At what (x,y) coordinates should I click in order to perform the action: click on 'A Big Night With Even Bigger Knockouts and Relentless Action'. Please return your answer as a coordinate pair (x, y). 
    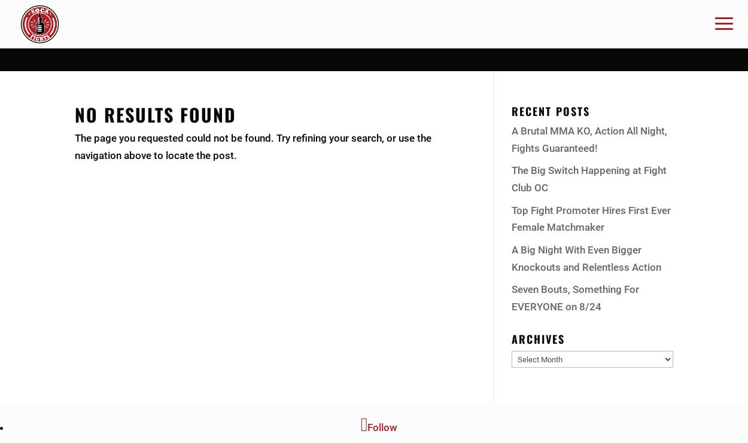
    Looking at the image, I should click on (586, 258).